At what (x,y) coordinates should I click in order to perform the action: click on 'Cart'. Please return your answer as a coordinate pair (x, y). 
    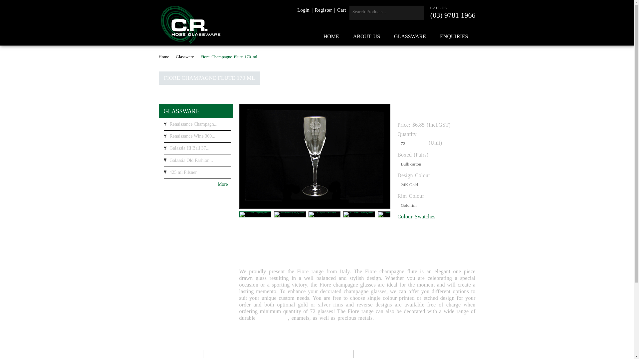
    Looking at the image, I should click on (341, 10).